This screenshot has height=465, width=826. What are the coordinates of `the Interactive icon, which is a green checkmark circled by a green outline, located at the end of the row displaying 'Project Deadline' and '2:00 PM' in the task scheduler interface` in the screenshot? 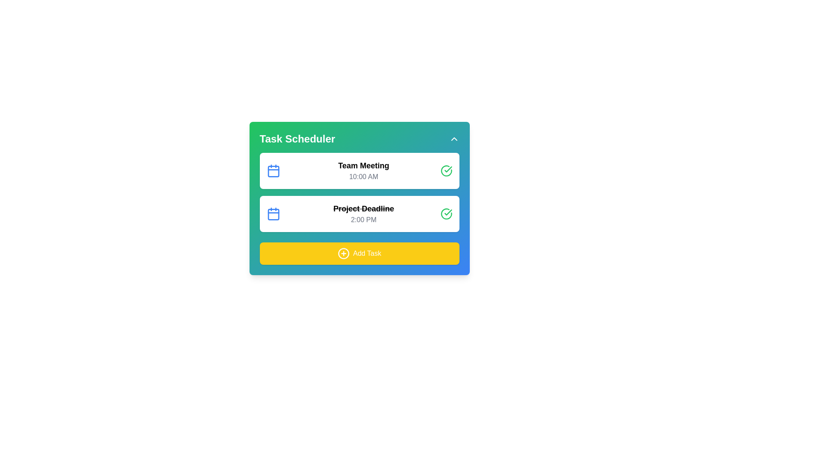 It's located at (446, 214).